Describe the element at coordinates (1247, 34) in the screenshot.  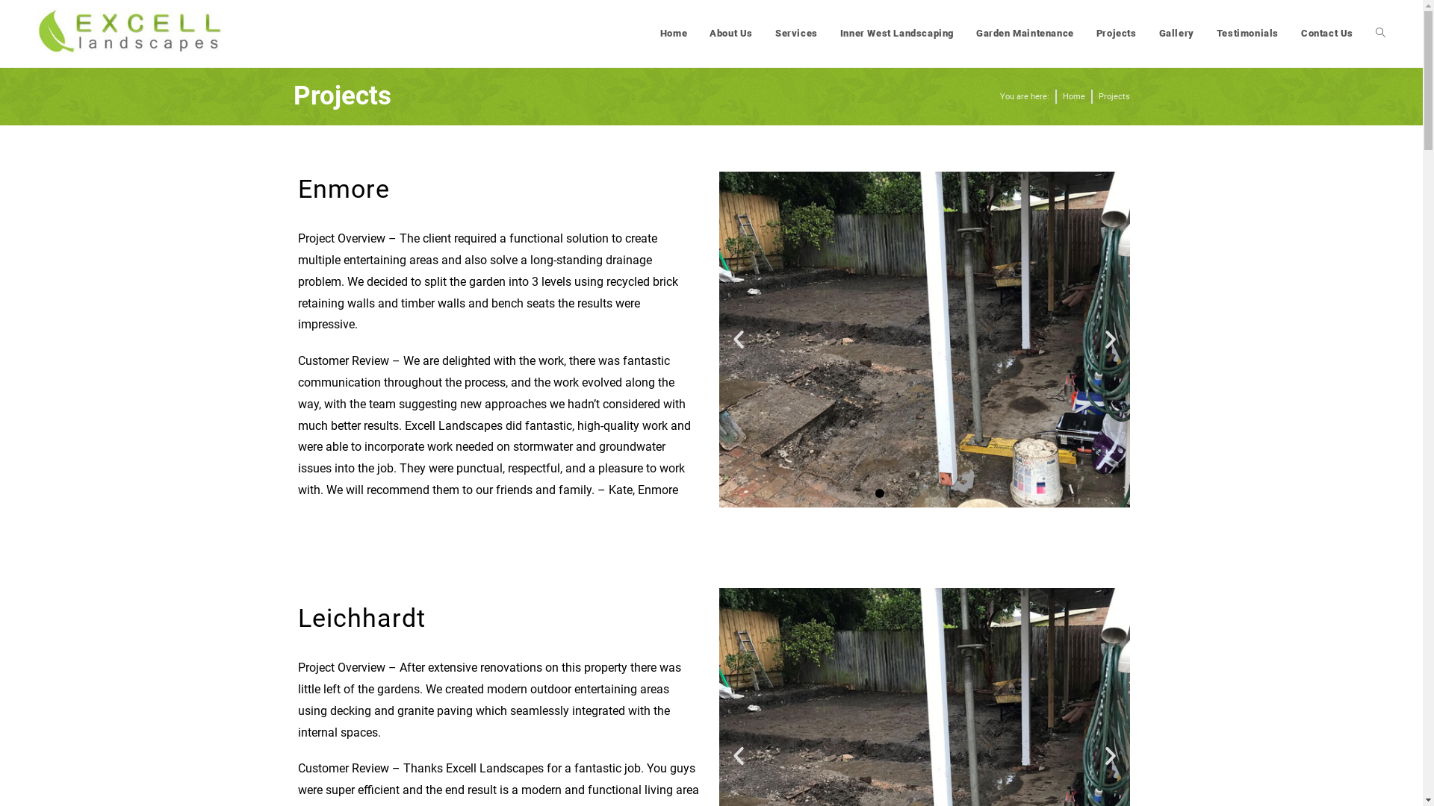
I see `'Testimonials'` at that location.